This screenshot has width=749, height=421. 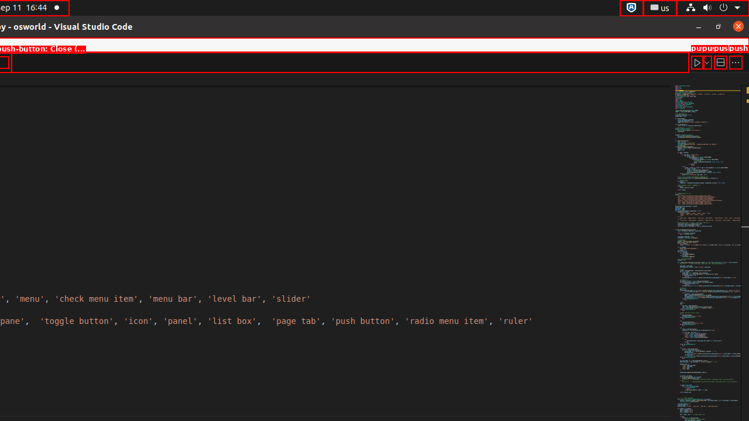 What do you see at coordinates (719, 62) in the screenshot?
I see `'Split Editor Right (Ctrl+\) [Alt] Split Editor Down'` at bounding box center [719, 62].